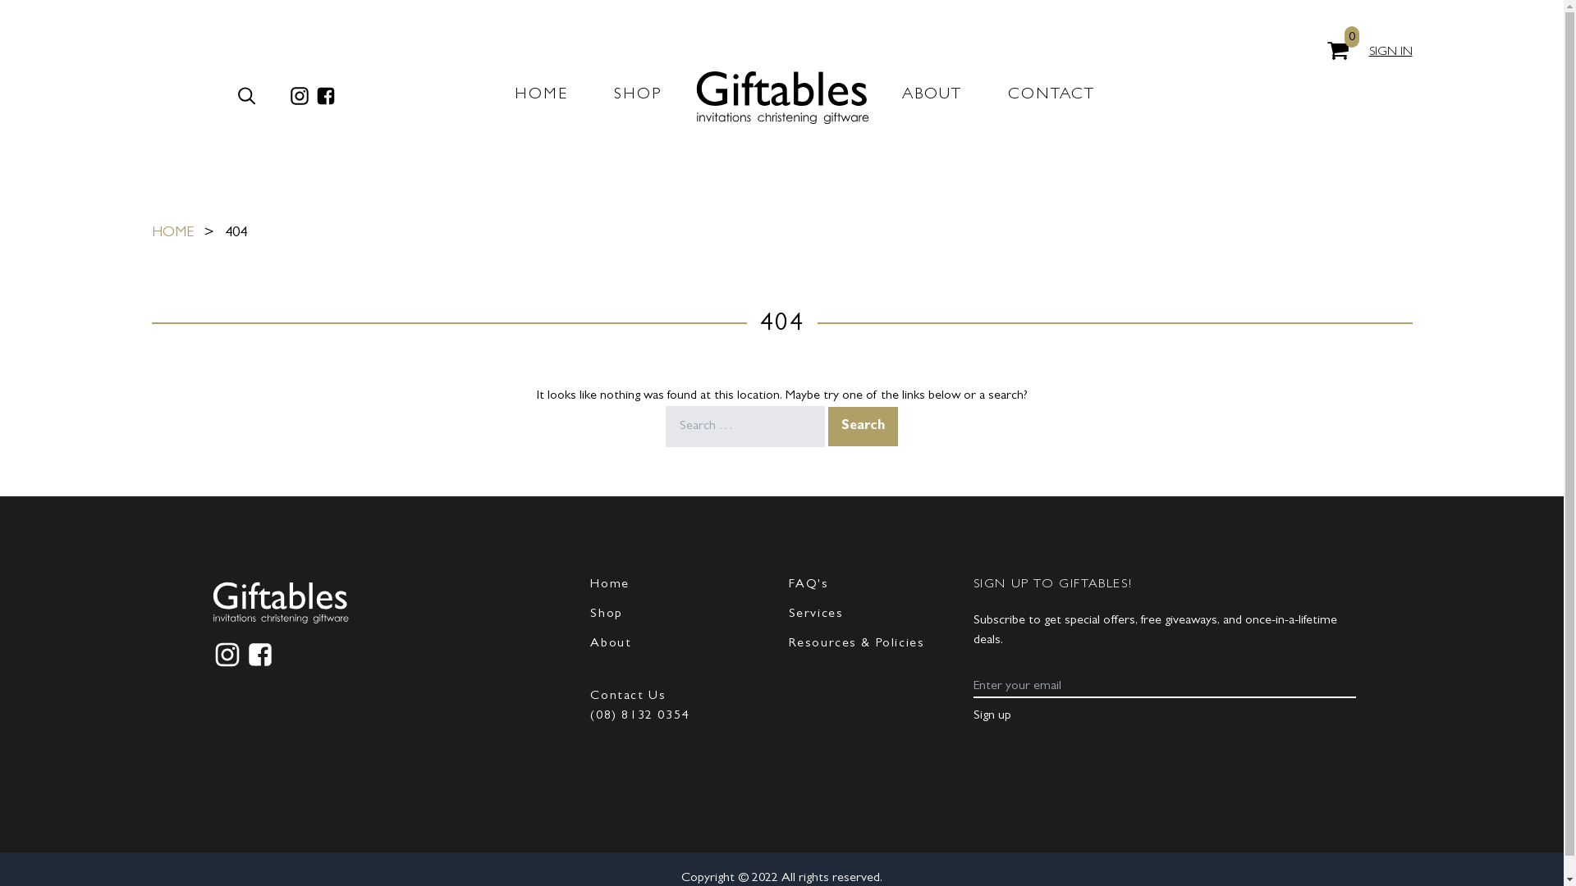 This screenshot has height=886, width=1576. What do you see at coordinates (613, 95) in the screenshot?
I see `'SHOP'` at bounding box center [613, 95].